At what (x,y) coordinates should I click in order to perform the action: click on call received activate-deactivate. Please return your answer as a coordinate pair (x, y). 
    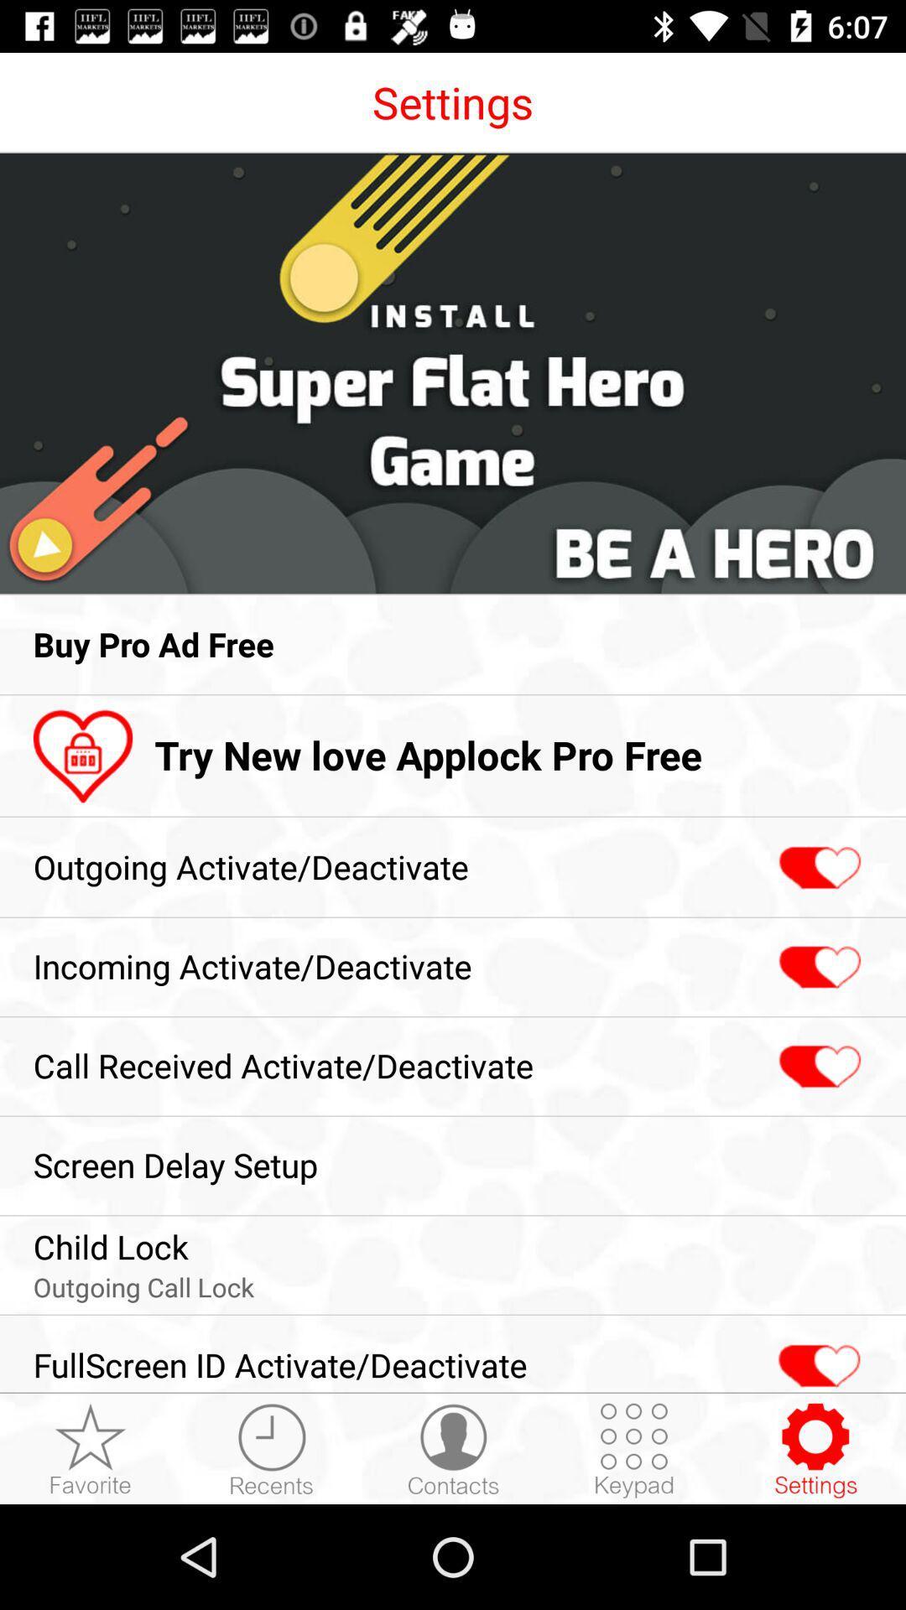
    Looking at the image, I should click on (817, 1066).